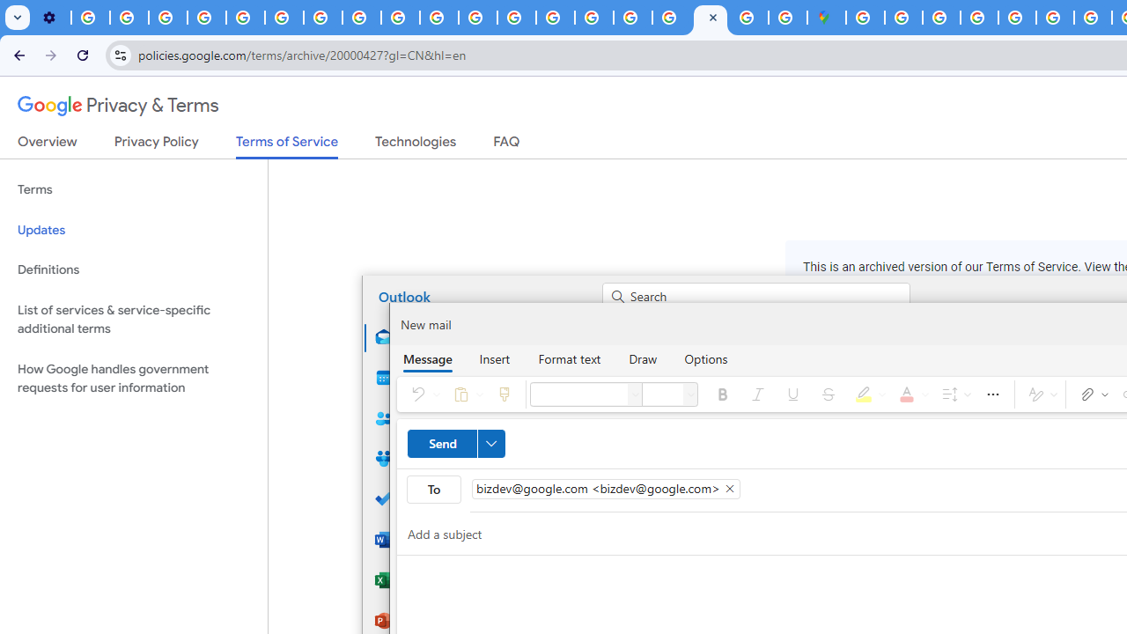 Image resolution: width=1127 pixels, height=634 pixels. I want to click on 'Paste', so click(465, 393).